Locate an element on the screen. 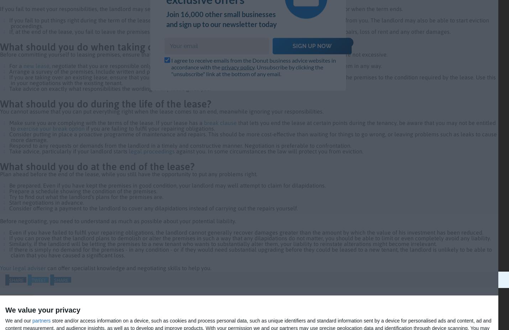 This screenshot has width=509, height=330. 'Start negotiations in advance.' is located at coordinates (46, 202).